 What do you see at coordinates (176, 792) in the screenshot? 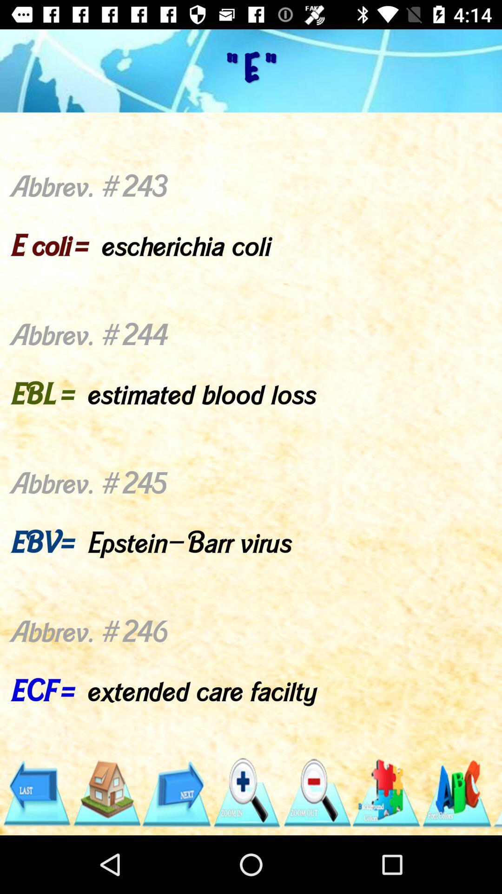
I see `next` at bounding box center [176, 792].